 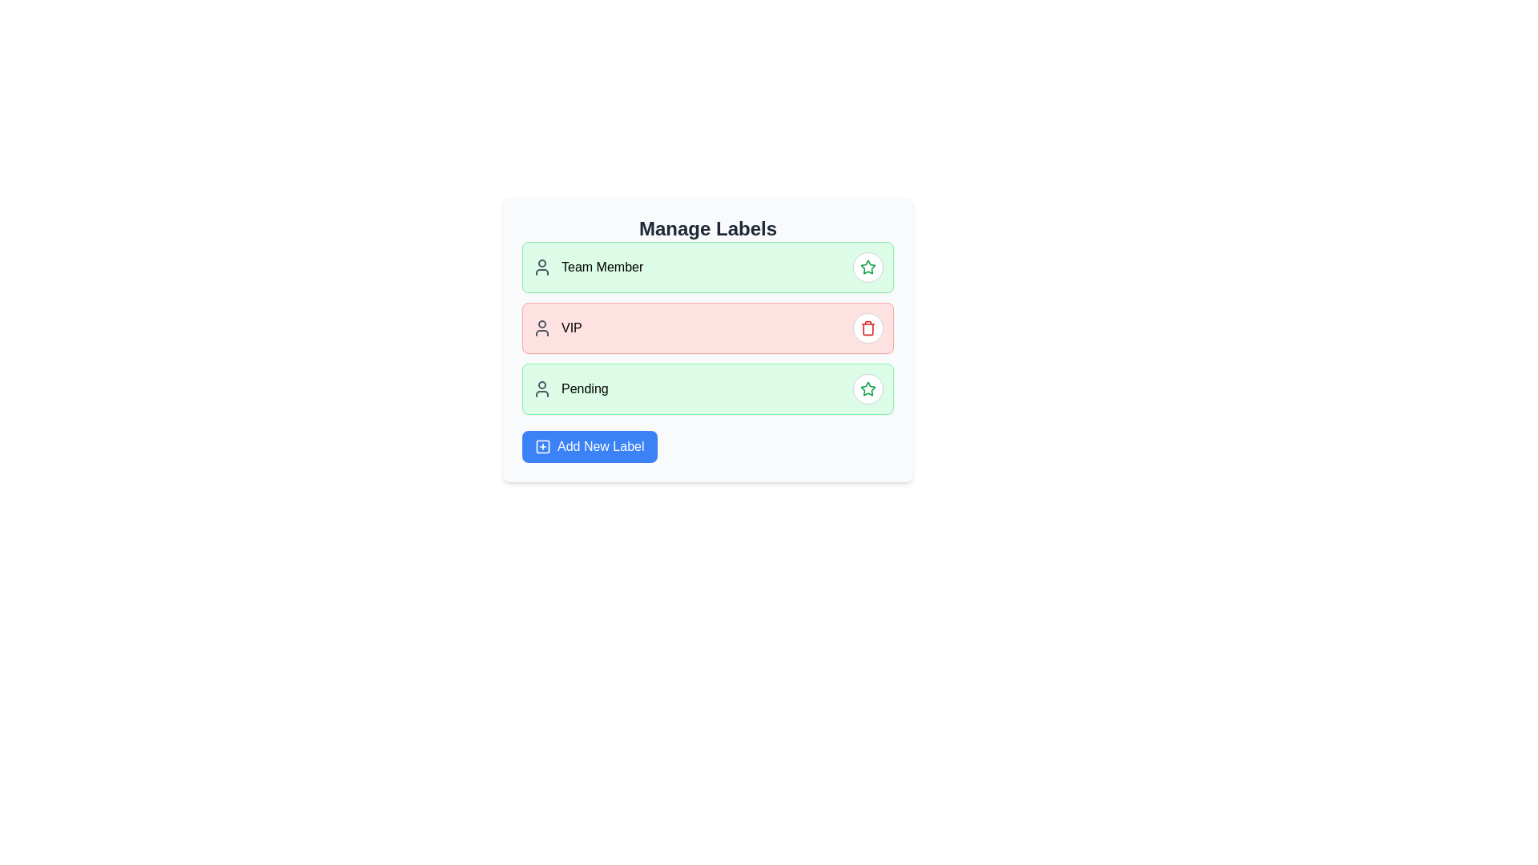 I want to click on the Label with icon that features a user silhouette and the text 'Team Member', which is located at the beginning of a green section, so click(x=587, y=267).